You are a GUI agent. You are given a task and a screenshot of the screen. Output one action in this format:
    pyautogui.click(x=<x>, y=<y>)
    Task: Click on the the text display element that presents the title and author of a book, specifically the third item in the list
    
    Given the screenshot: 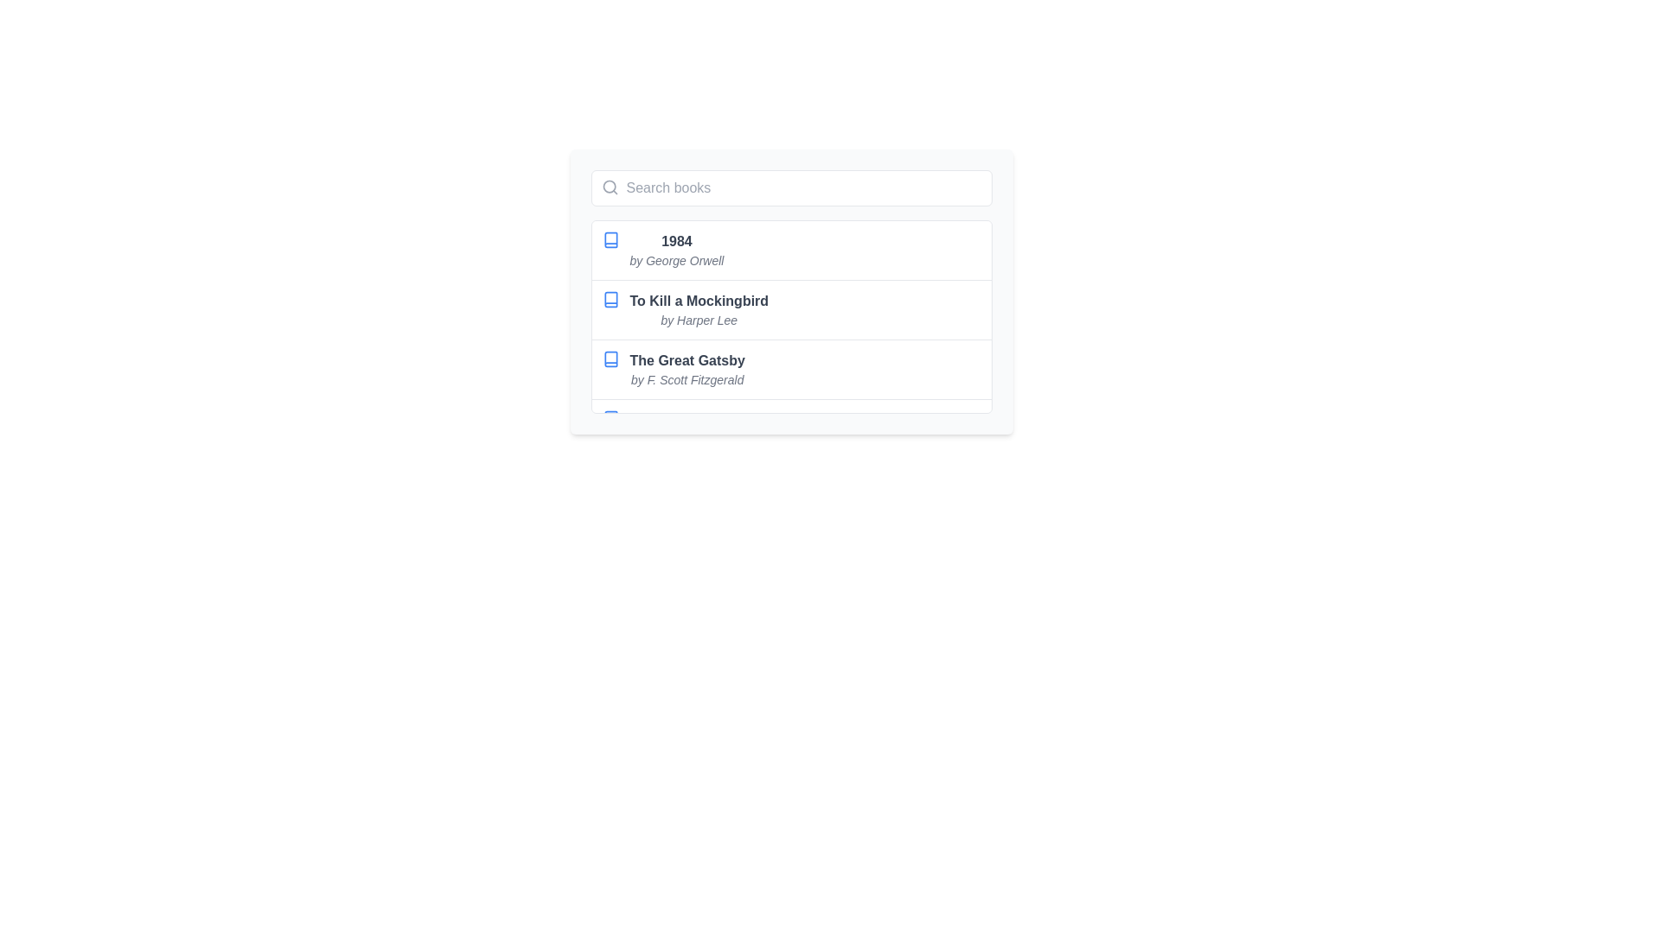 What is the action you would take?
    pyautogui.click(x=686, y=369)
    